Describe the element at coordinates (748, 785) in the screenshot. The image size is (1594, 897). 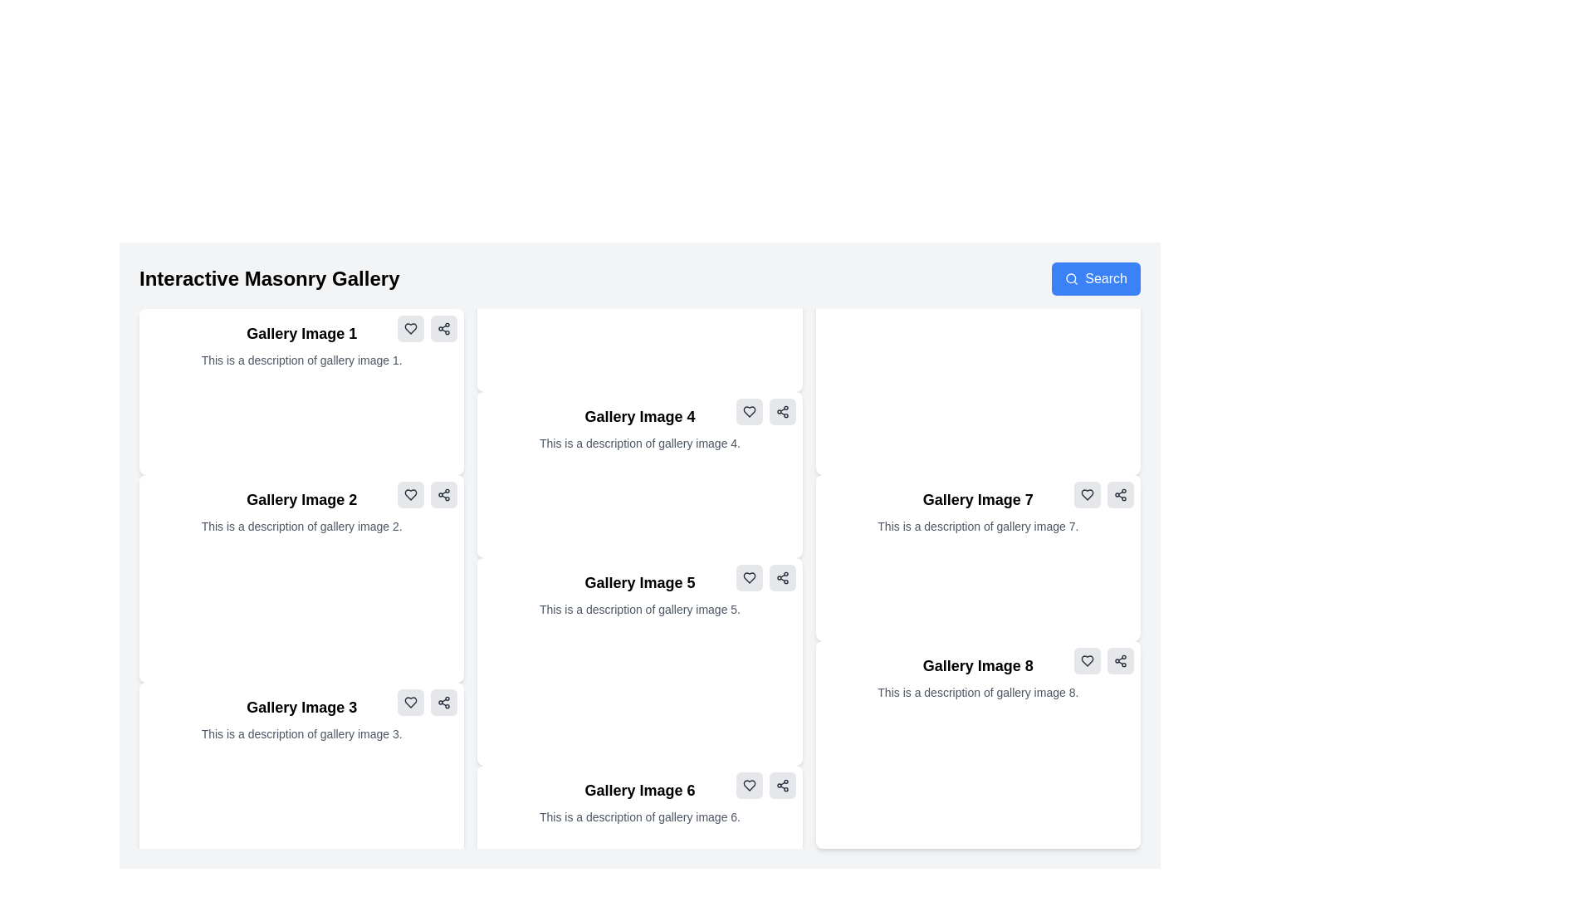
I see `the rounded rectangular button with a heart-shaped icon located at the bottom-right corner of the card labeled 'Gallery Image 6'` at that location.